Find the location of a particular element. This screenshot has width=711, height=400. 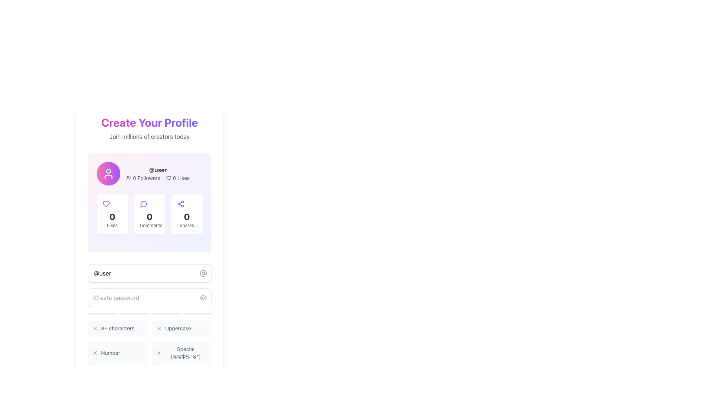

the circular purple speech bubble icon representing comments, located above the '0 Comments' label and to the right of the 'Likes' section is located at coordinates (143, 204).